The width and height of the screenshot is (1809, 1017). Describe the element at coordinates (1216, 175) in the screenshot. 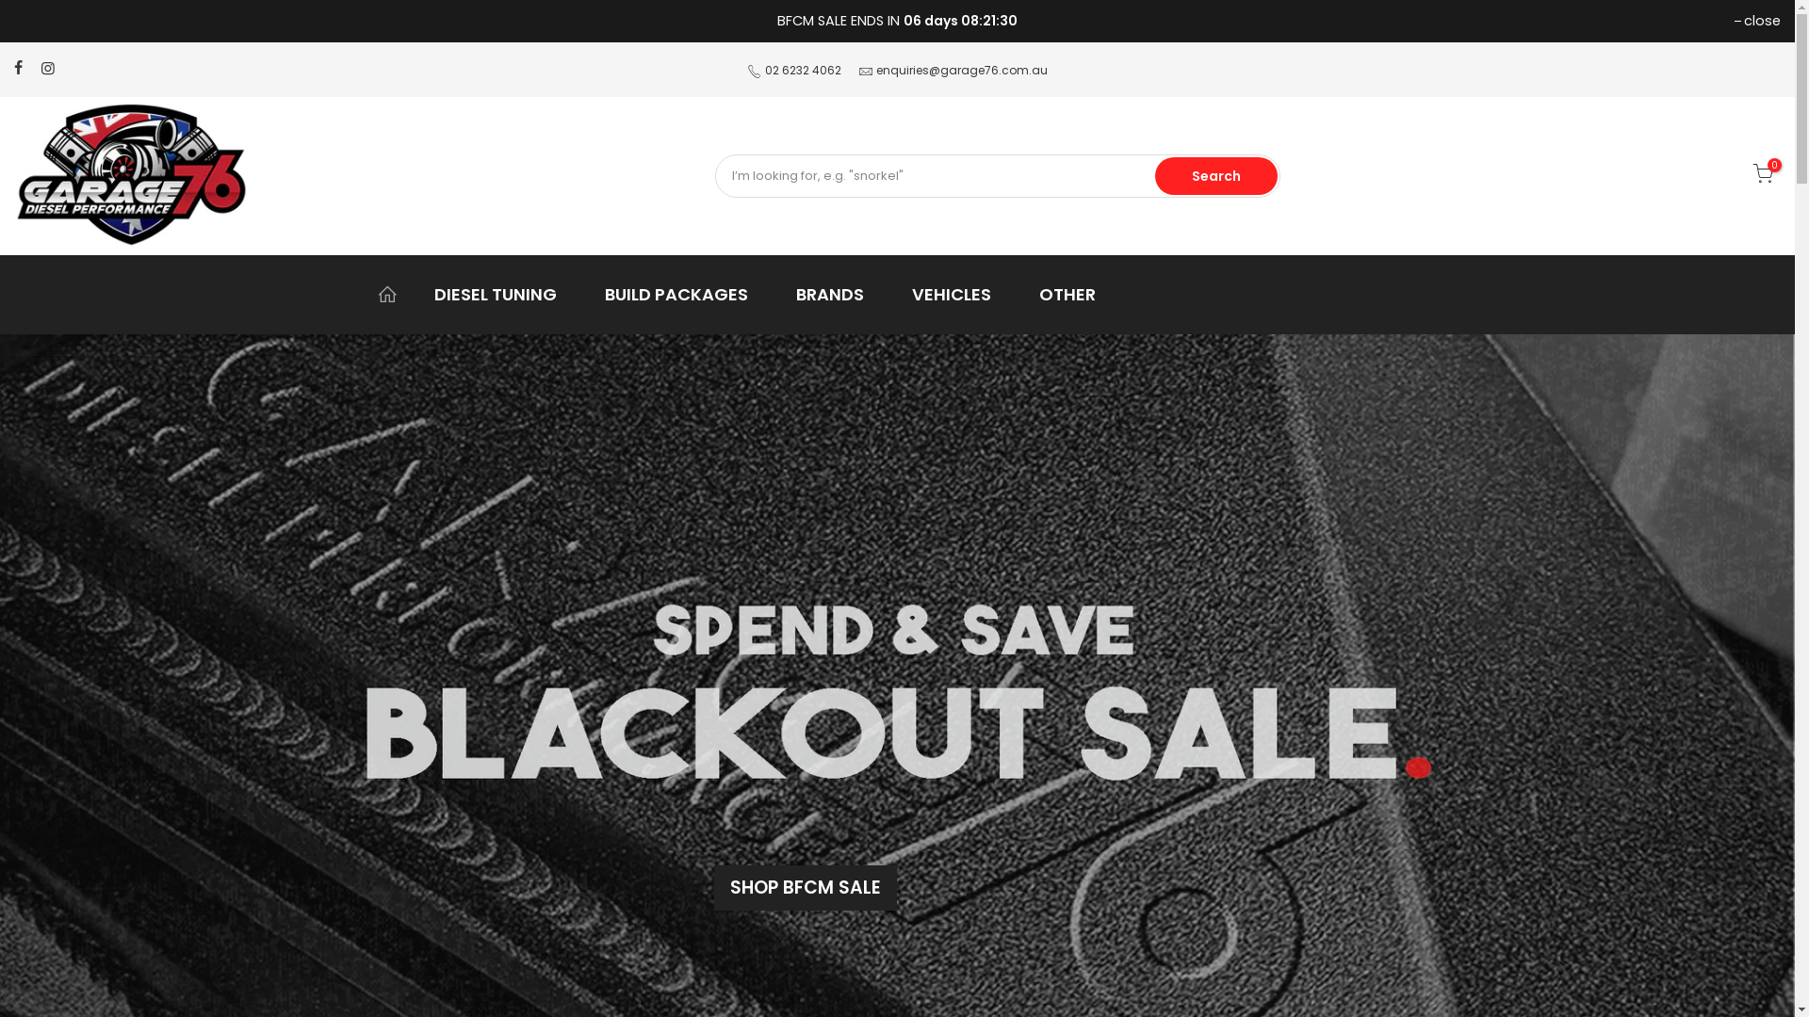

I see `'Search'` at that location.